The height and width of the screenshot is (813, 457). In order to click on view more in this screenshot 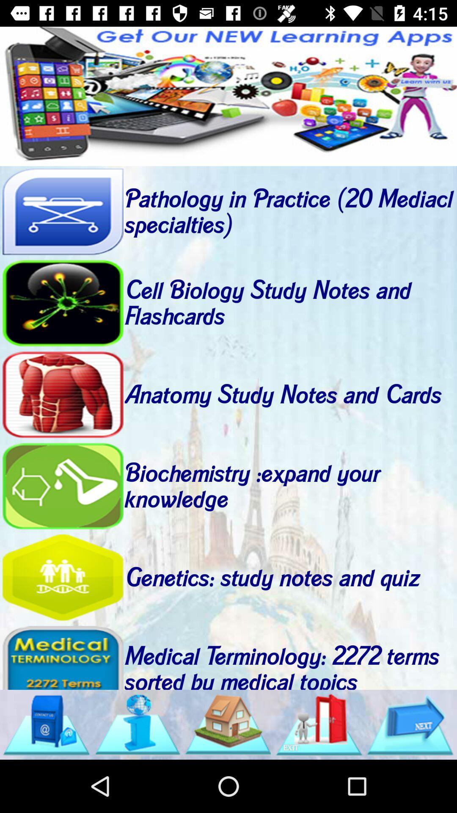, I will do `click(62, 657)`.